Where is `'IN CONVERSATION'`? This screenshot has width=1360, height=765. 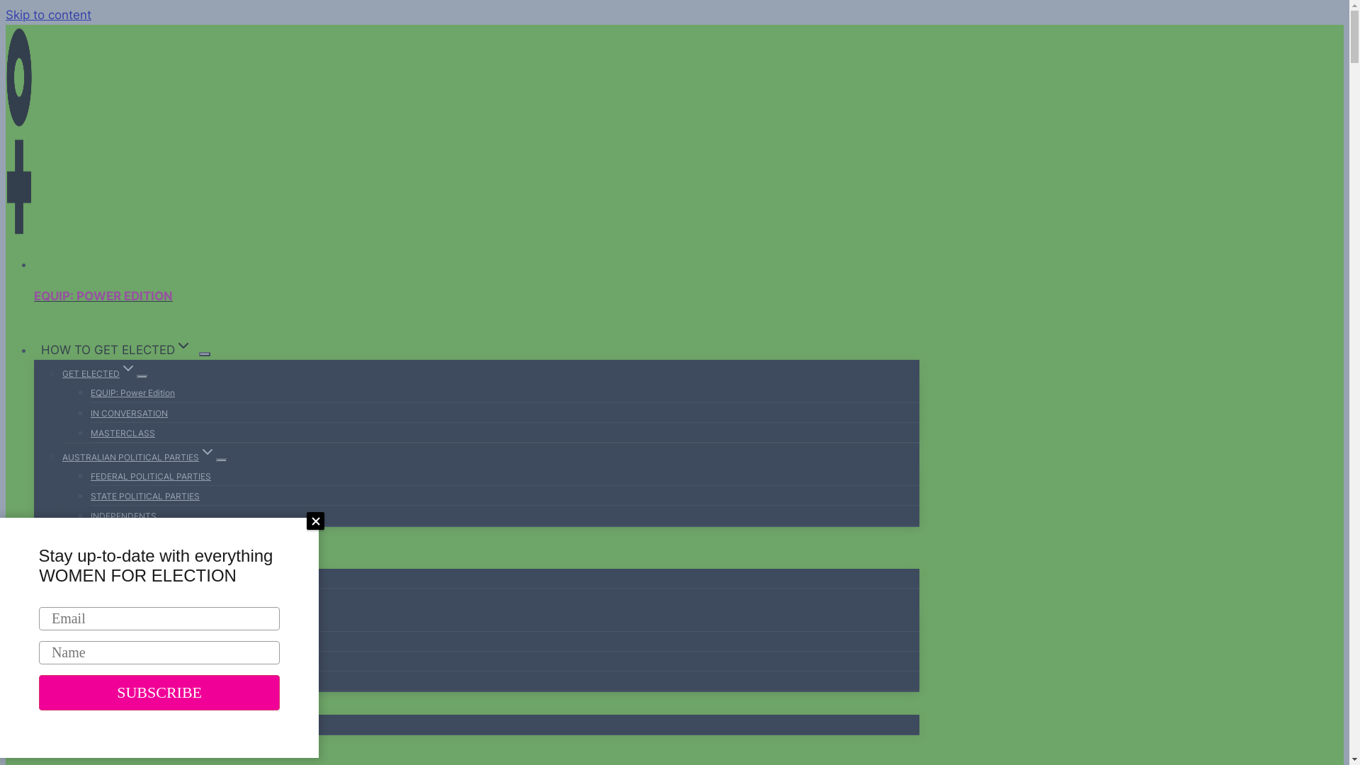
'IN CONVERSATION' is located at coordinates (129, 413).